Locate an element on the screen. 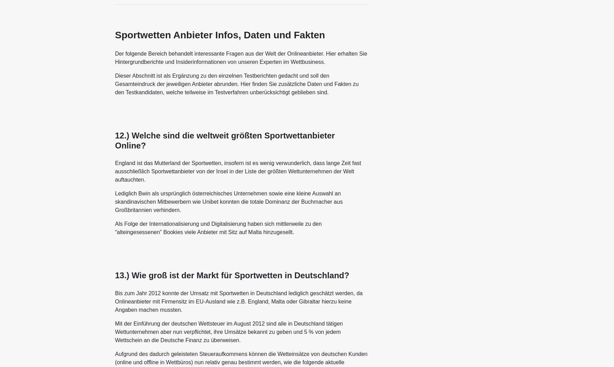 Image resolution: width=614 pixels, height=367 pixels. 'Sportwetten Anbieter Infos, Daten und Fakten' is located at coordinates (220, 35).